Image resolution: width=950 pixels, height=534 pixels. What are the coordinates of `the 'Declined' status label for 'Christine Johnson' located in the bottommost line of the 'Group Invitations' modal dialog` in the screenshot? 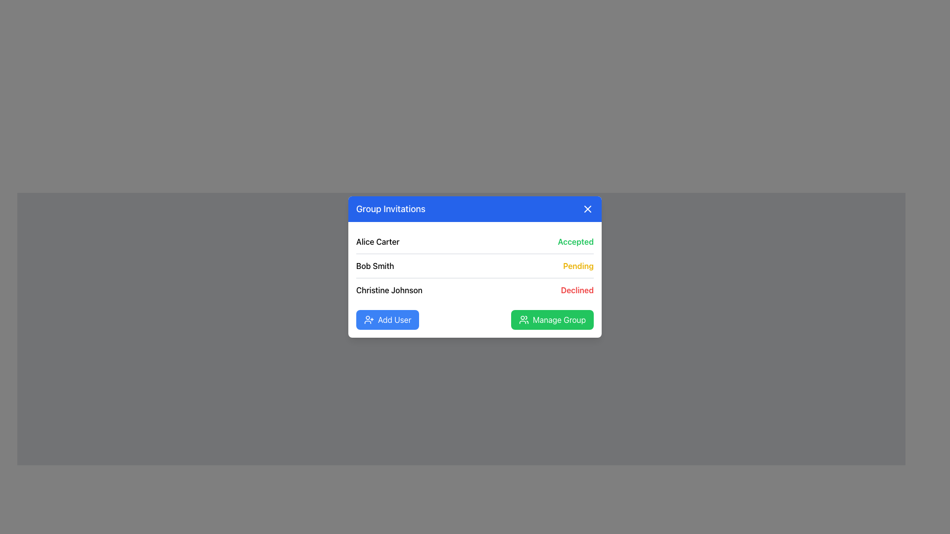 It's located at (577, 289).